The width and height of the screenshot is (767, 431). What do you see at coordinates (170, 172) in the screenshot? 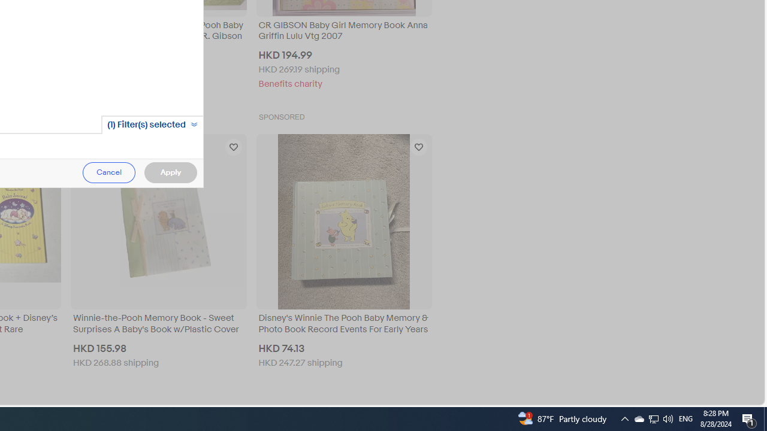
I see `'Apply'` at bounding box center [170, 172].